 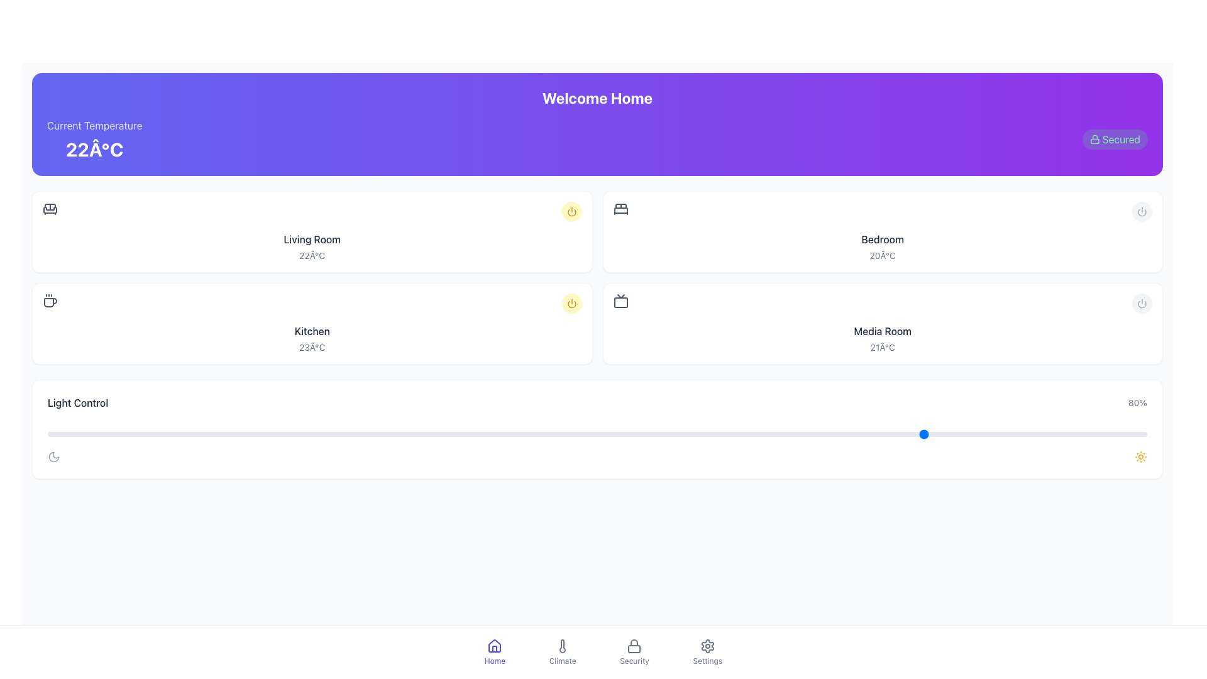 I want to click on the gray icon resembling a double bed located at the top-left corner of the 'Bedroom' card in the grid layout, so click(x=620, y=208).